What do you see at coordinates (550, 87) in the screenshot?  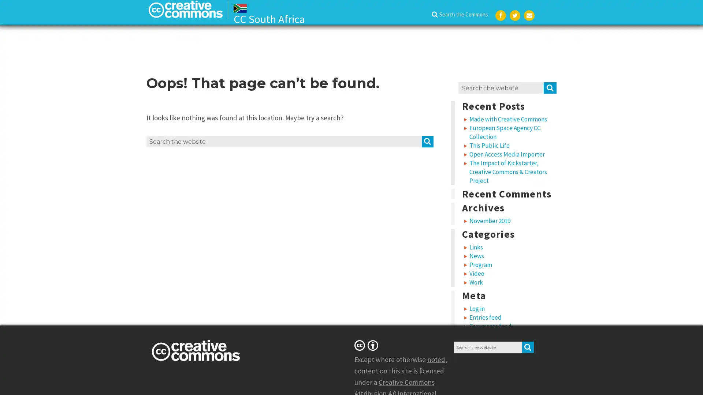 I see `SEARCH` at bounding box center [550, 87].